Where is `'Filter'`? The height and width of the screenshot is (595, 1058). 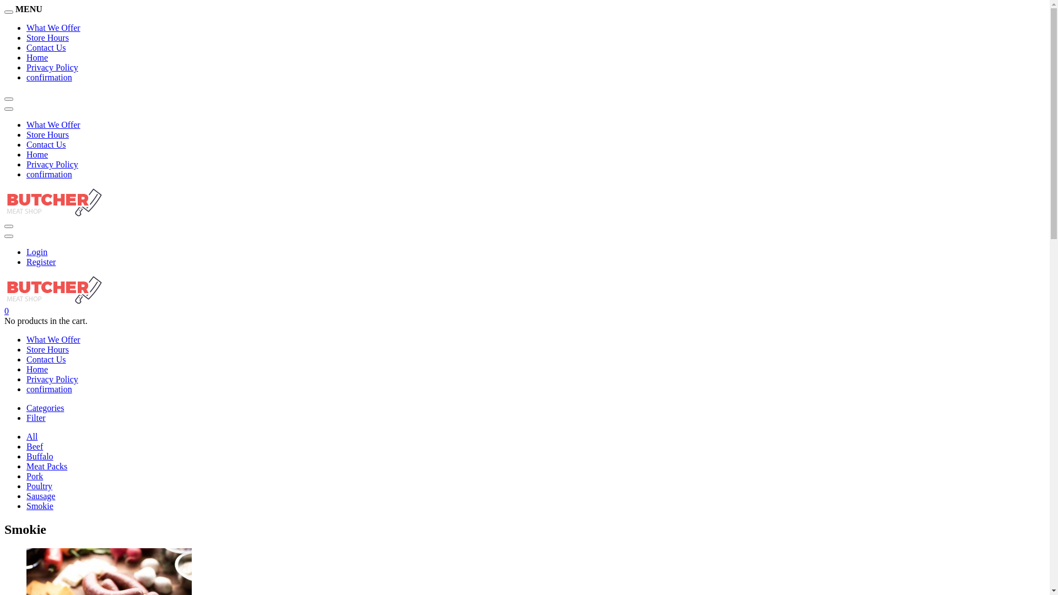
'Filter' is located at coordinates (36, 418).